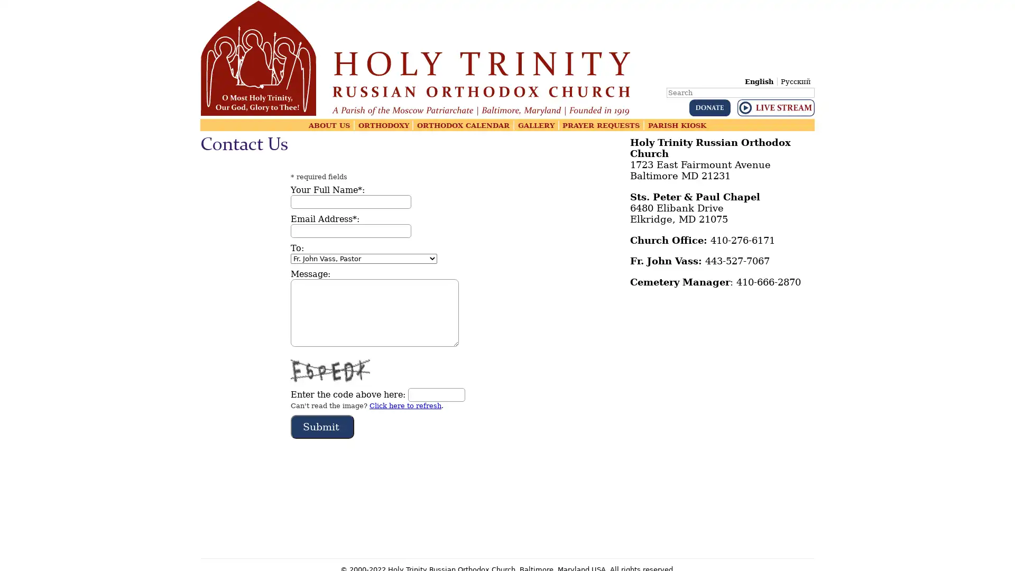  What do you see at coordinates (813, 85) in the screenshot?
I see `Search` at bounding box center [813, 85].